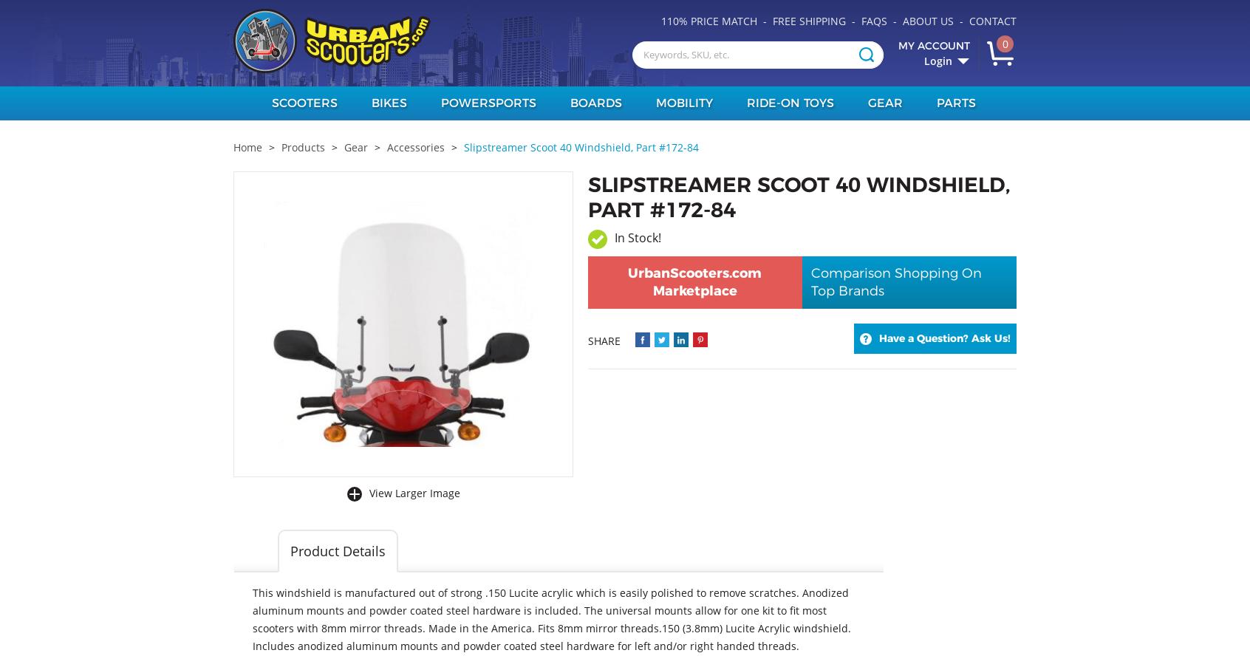 The width and height of the screenshot is (1250, 670). Describe the element at coordinates (992, 20) in the screenshot. I see `'Contact'` at that location.